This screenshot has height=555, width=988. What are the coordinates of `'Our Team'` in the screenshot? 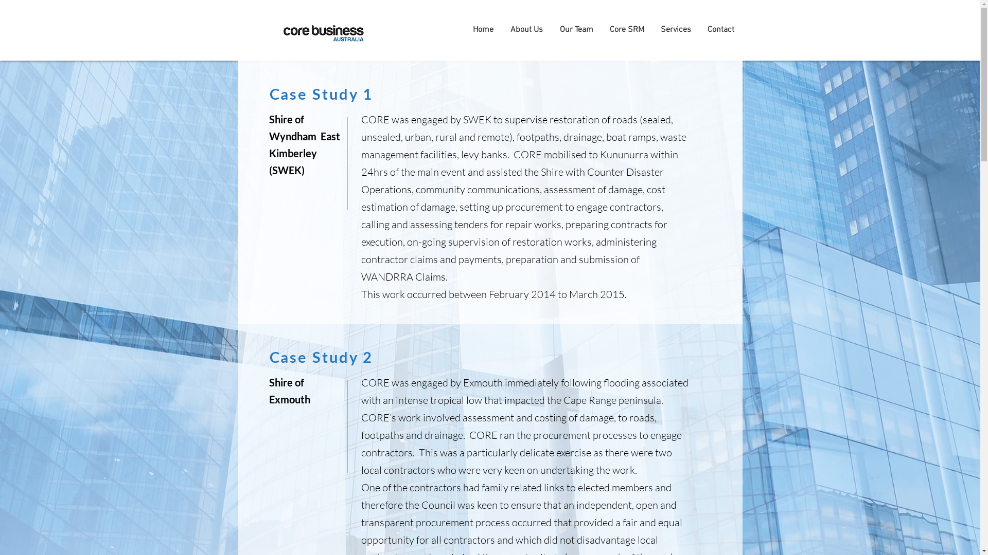 It's located at (576, 29).